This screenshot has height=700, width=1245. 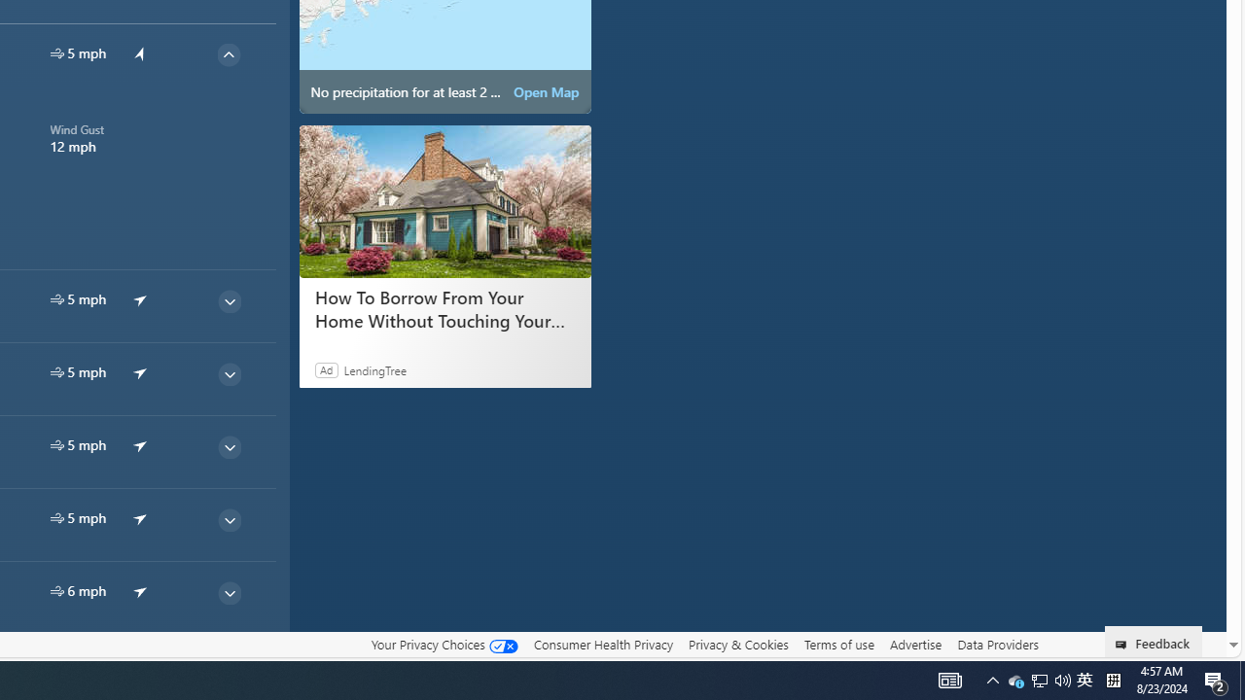 I want to click on 'Data Providers', so click(x=997, y=644).